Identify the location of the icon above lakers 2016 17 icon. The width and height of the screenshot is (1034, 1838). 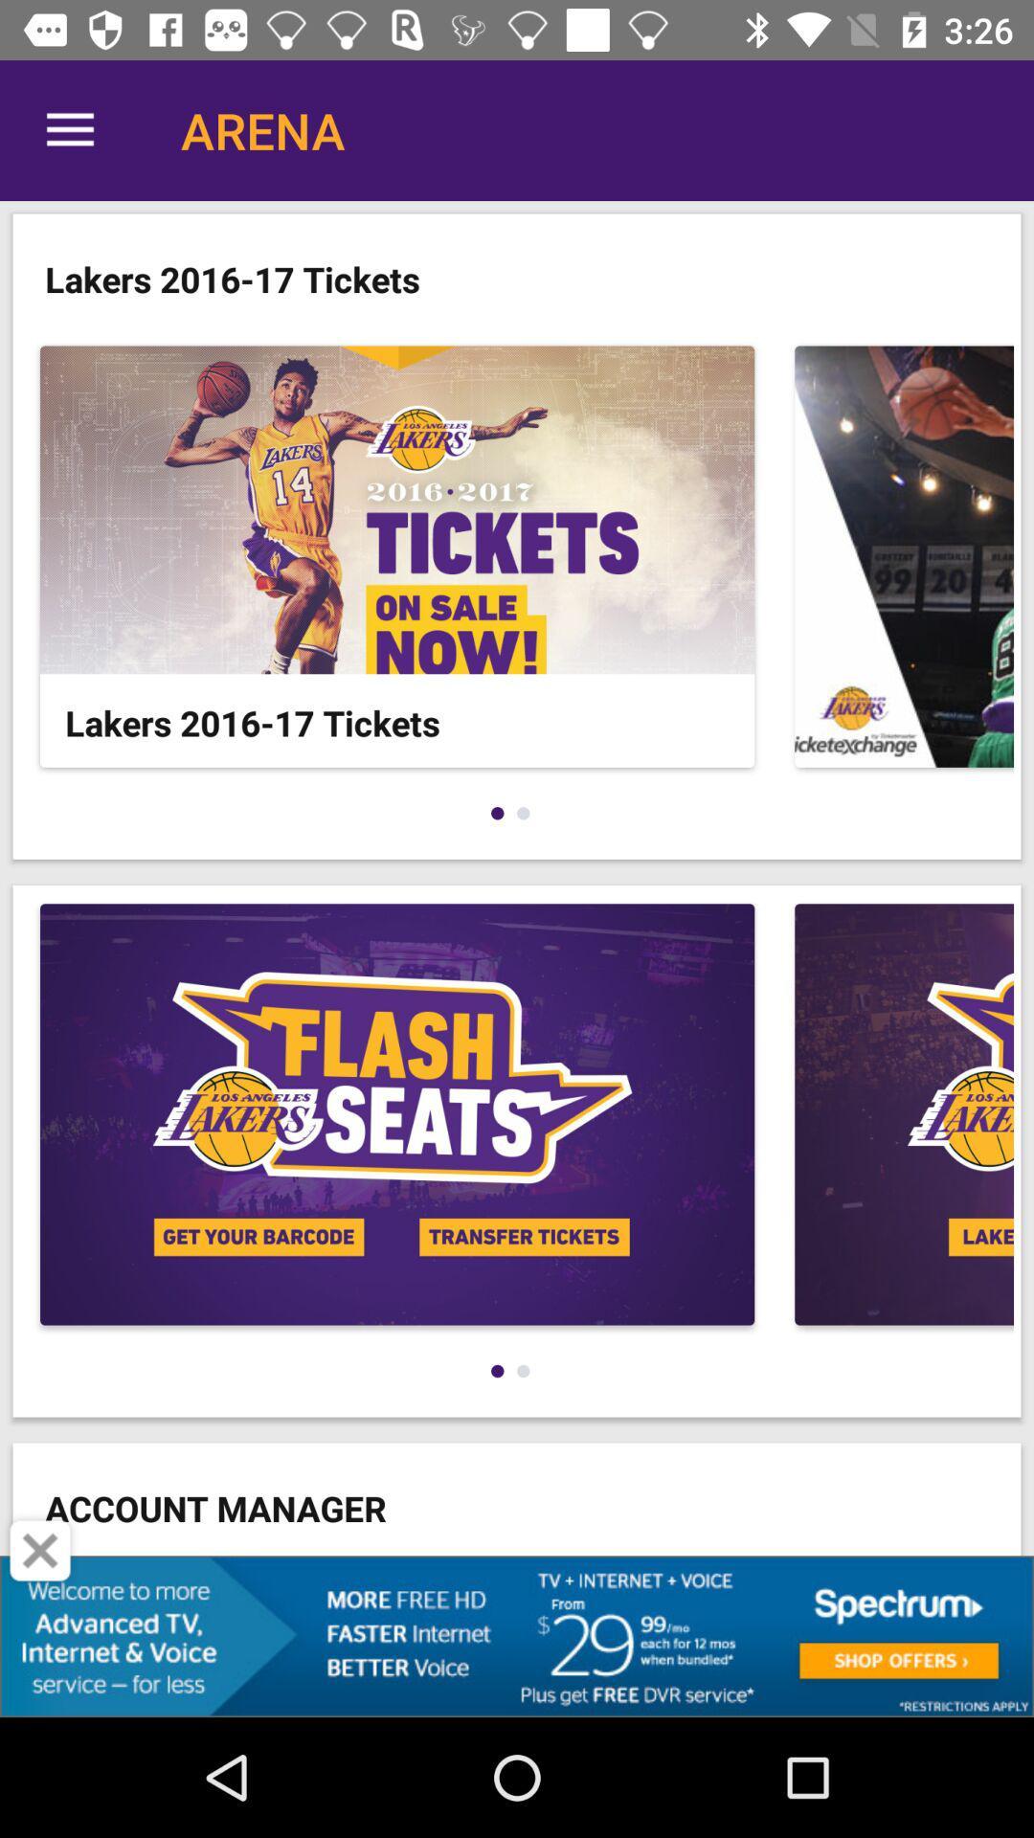
(69, 129).